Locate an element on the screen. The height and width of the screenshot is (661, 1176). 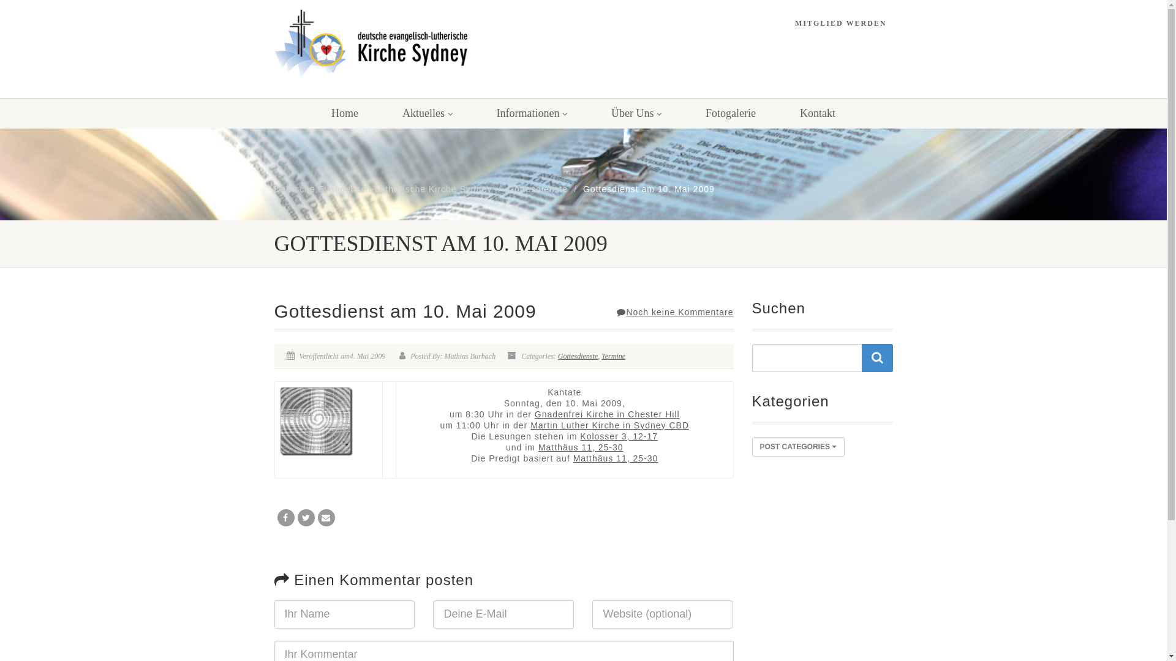
'Kolosser 3, 12-17' is located at coordinates (619, 436).